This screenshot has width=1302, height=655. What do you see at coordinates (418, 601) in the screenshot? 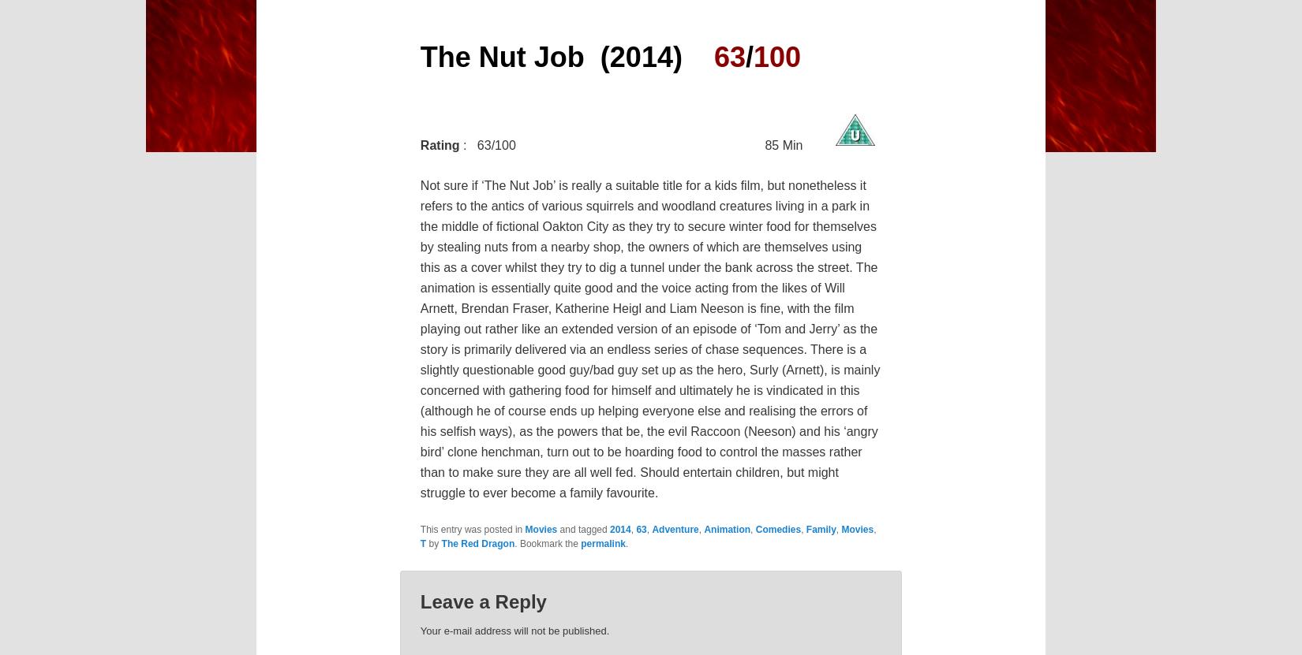
I see `'Leave a Reply'` at bounding box center [418, 601].